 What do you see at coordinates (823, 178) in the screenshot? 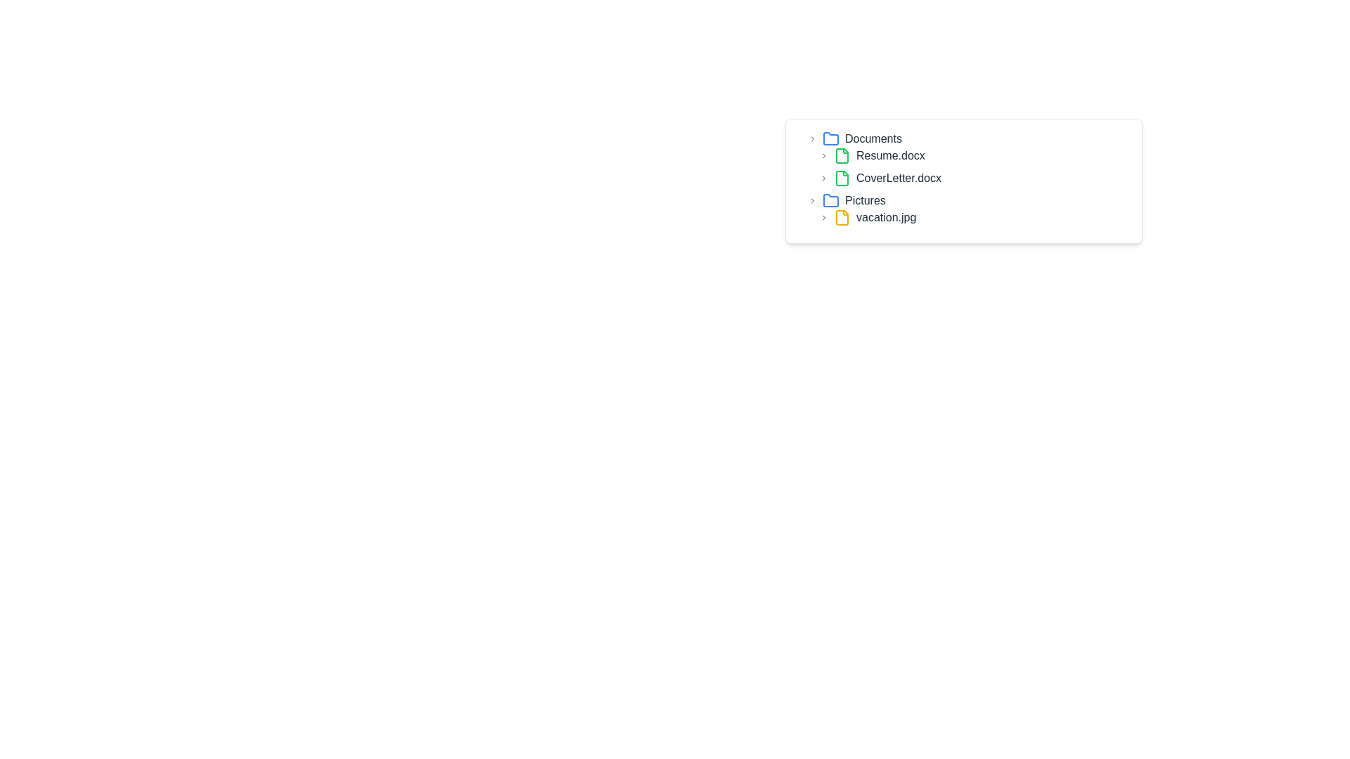
I see `the rightward-facing gray chevron icon located to the left of the text label 'CoverLetter.docx'` at bounding box center [823, 178].